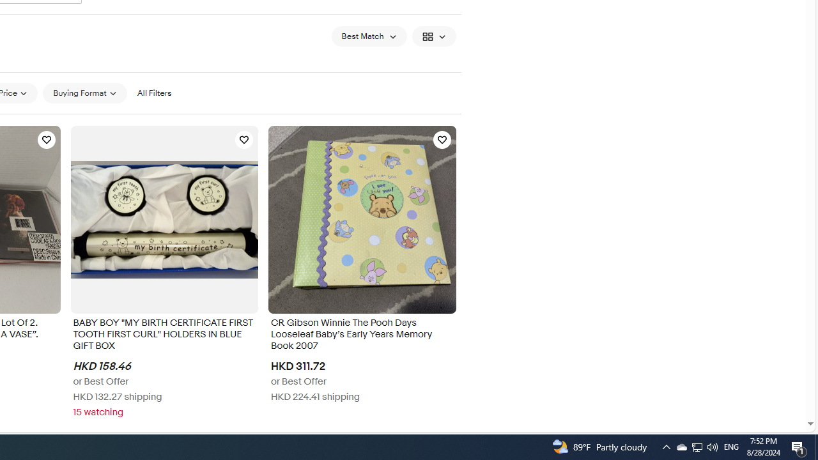  What do you see at coordinates (368, 35) in the screenshot?
I see `'Sort: Best Match'` at bounding box center [368, 35].